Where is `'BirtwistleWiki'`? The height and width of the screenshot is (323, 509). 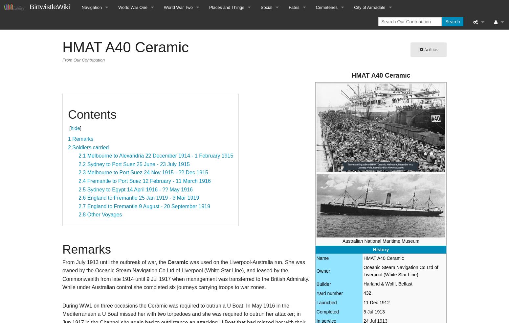
'BirtwistleWiki' is located at coordinates (50, 6).